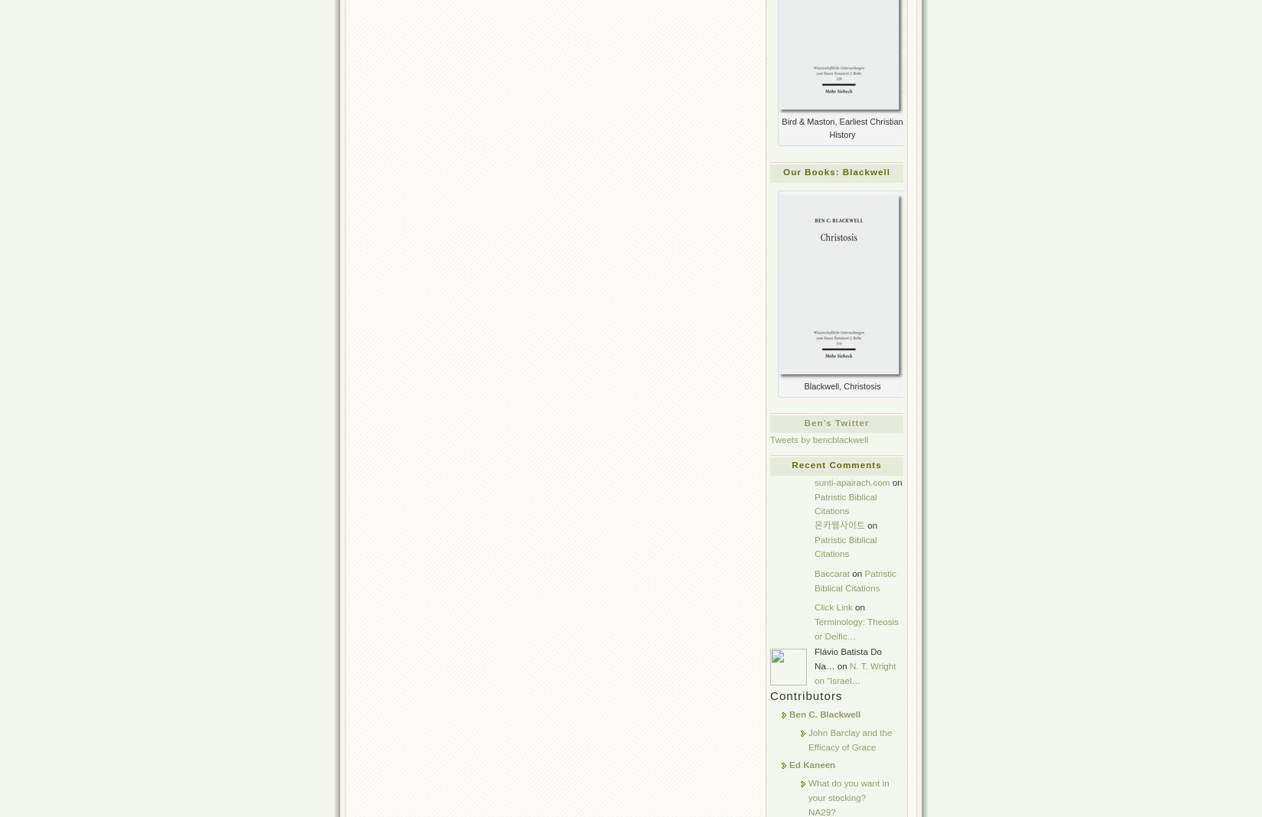 The height and width of the screenshot is (817, 1262). Describe the element at coordinates (836, 464) in the screenshot. I see `'Recent Comments'` at that location.